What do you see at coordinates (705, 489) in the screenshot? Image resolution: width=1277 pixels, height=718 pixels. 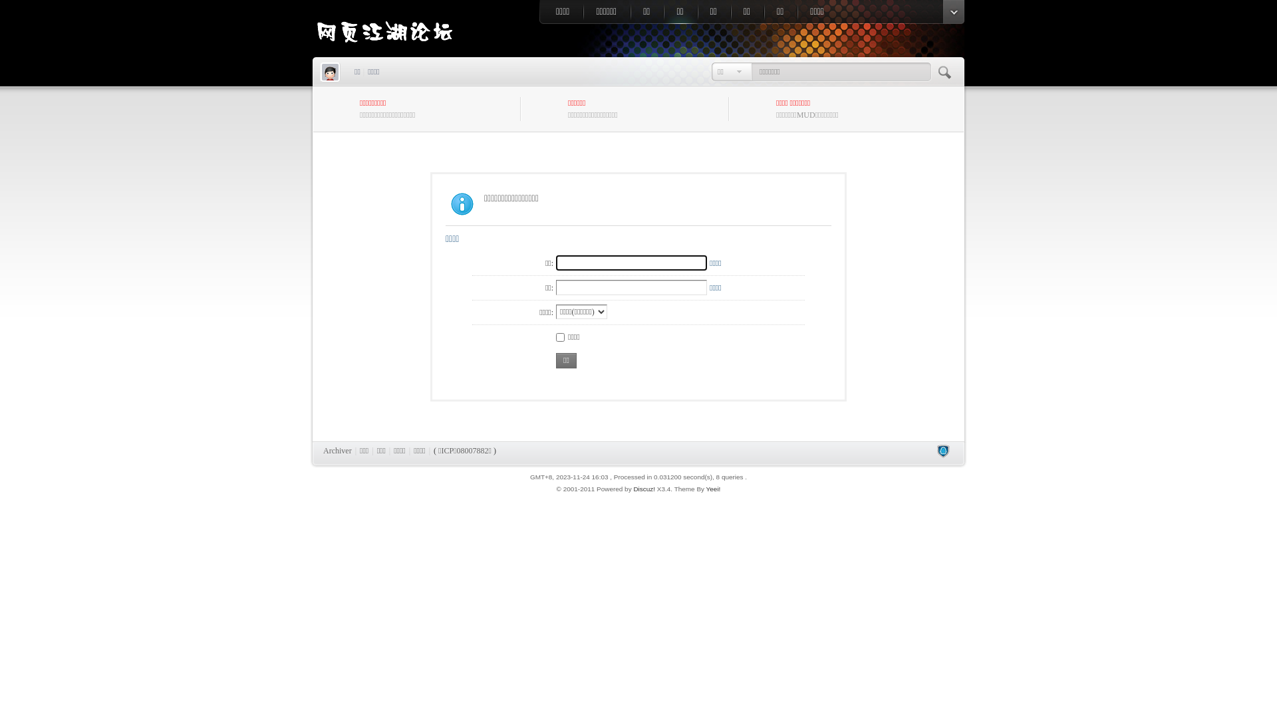 I see `'Yeei!'` at bounding box center [705, 489].